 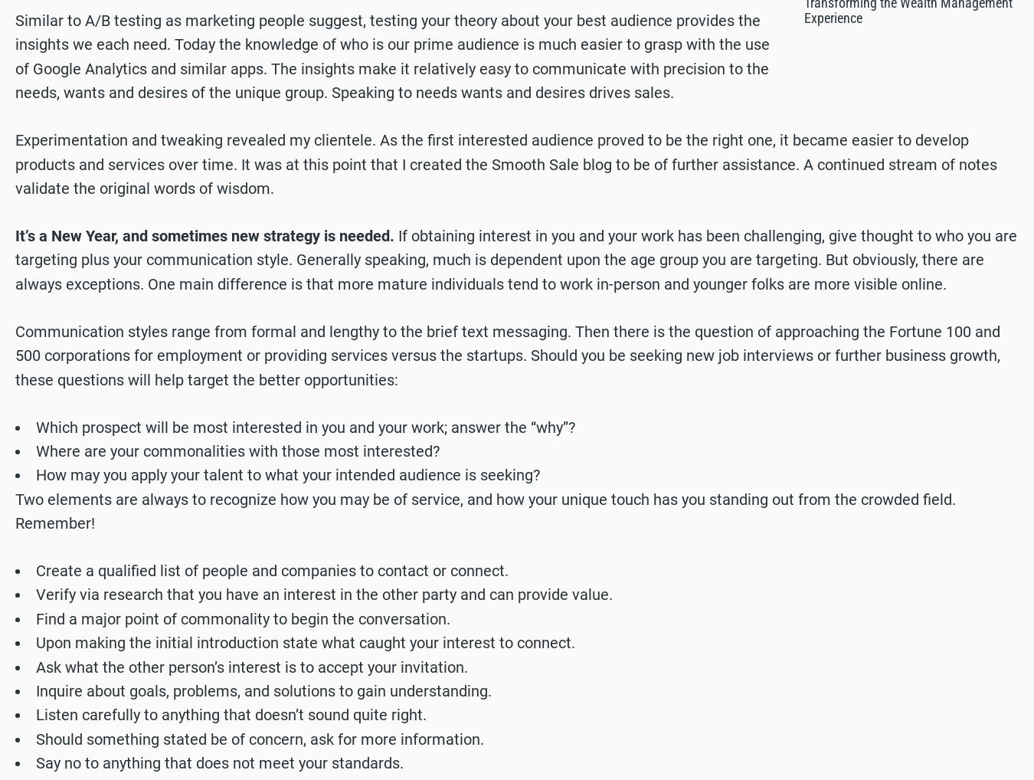 What do you see at coordinates (230, 713) in the screenshot?
I see `'Listen carefully to anything that doesn’t sound quite right.'` at bounding box center [230, 713].